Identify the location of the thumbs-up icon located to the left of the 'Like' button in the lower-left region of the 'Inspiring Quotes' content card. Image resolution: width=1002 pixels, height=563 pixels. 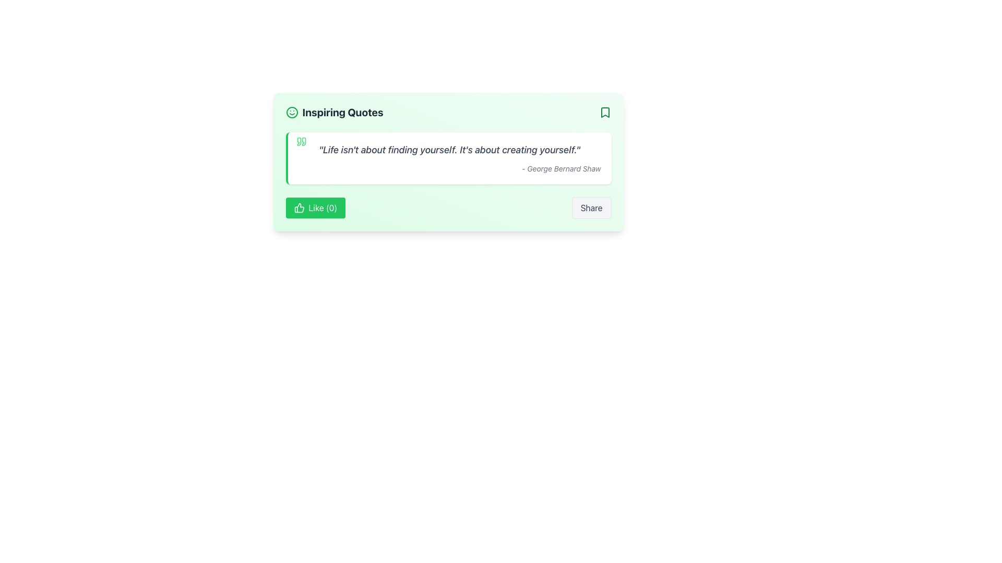
(299, 207).